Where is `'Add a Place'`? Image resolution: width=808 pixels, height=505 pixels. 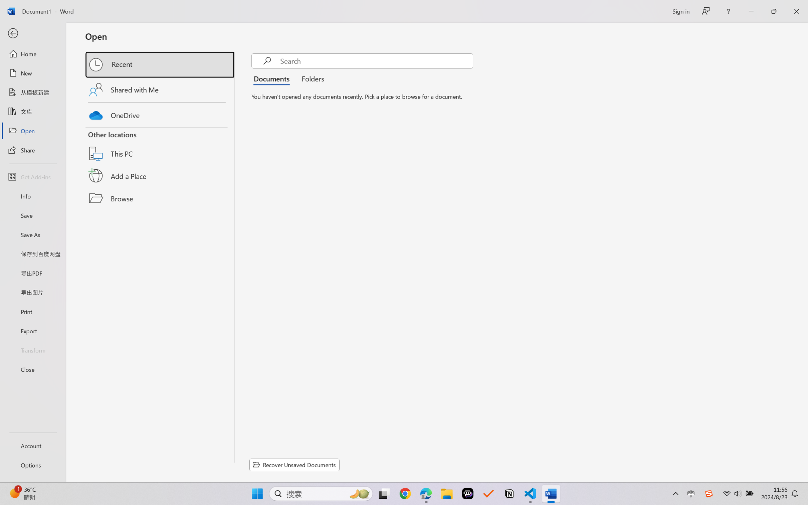 'Add a Place' is located at coordinates (160, 175).